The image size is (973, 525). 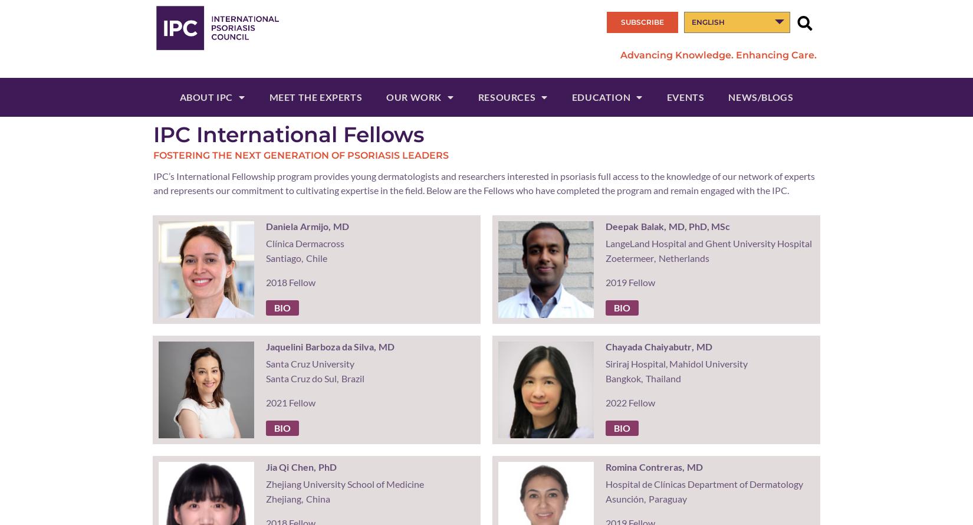 What do you see at coordinates (604, 346) in the screenshot?
I see `'Chayada'` at bounding box center [604, 346].